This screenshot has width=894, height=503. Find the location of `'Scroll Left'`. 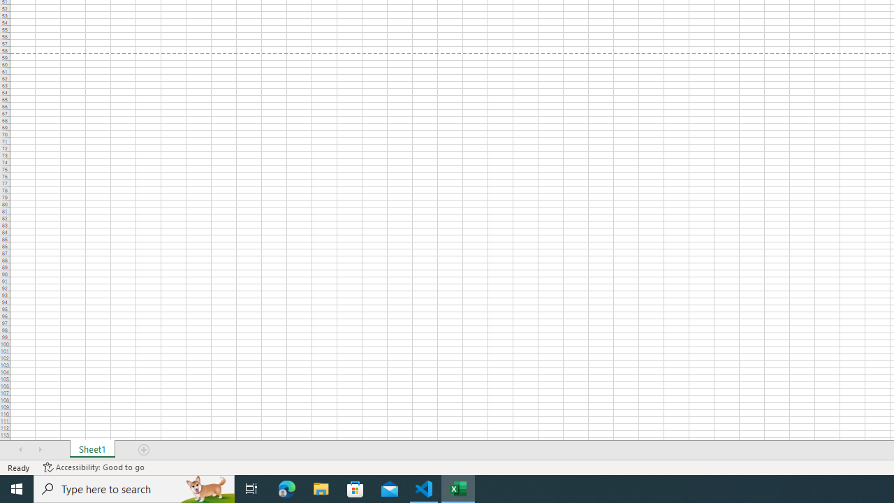

'Scroll Left' is located at coordinates (20, 450).